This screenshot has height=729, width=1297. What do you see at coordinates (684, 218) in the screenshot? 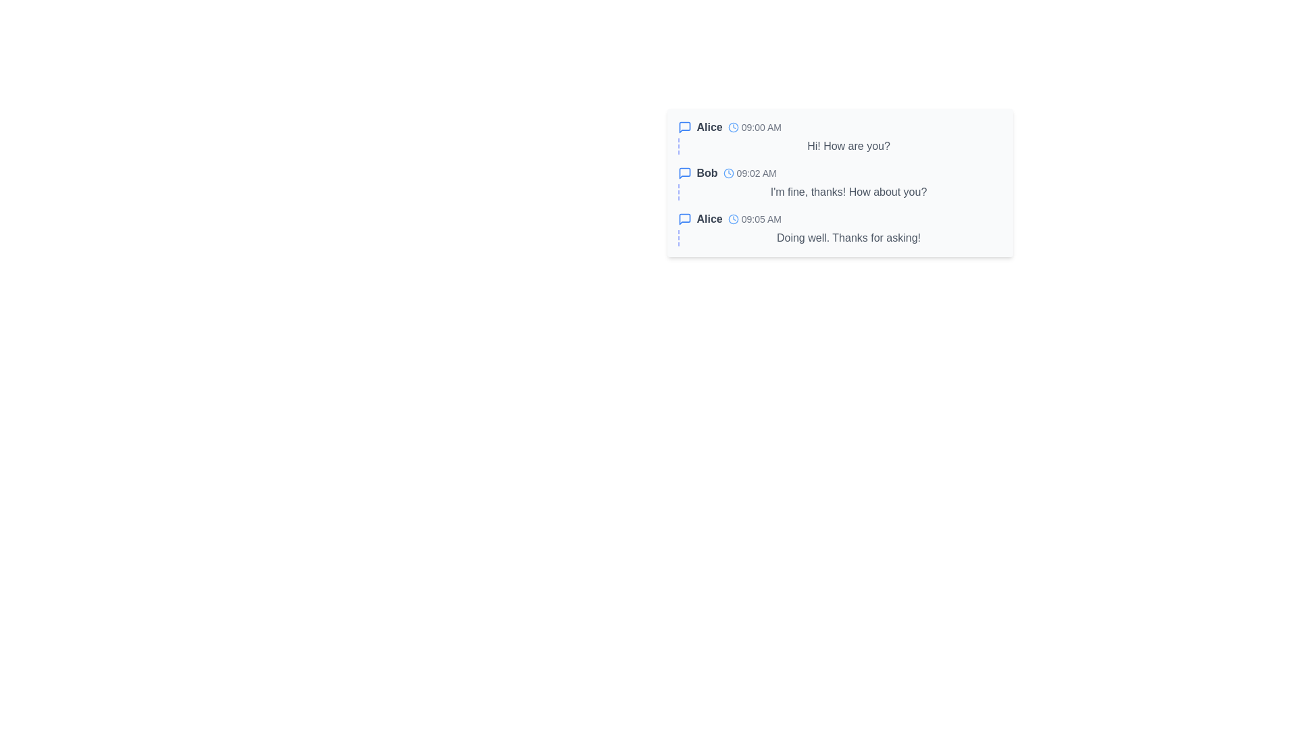
I see `the status of the speech bubble icon located to the left of 'Alice 09:05 AM', which is styled in blue and indicates interactivity` at bounding box center [684, 218].